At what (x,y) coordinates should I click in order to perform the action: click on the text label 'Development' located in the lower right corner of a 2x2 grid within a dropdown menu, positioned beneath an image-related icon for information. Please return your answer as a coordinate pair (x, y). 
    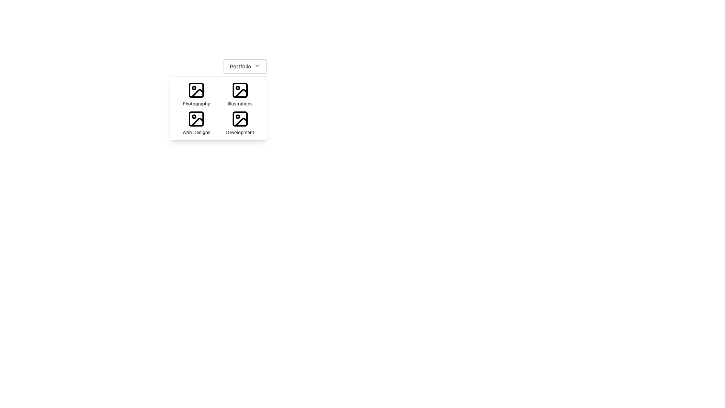
    Looking at the image, I should click on (240, 132).